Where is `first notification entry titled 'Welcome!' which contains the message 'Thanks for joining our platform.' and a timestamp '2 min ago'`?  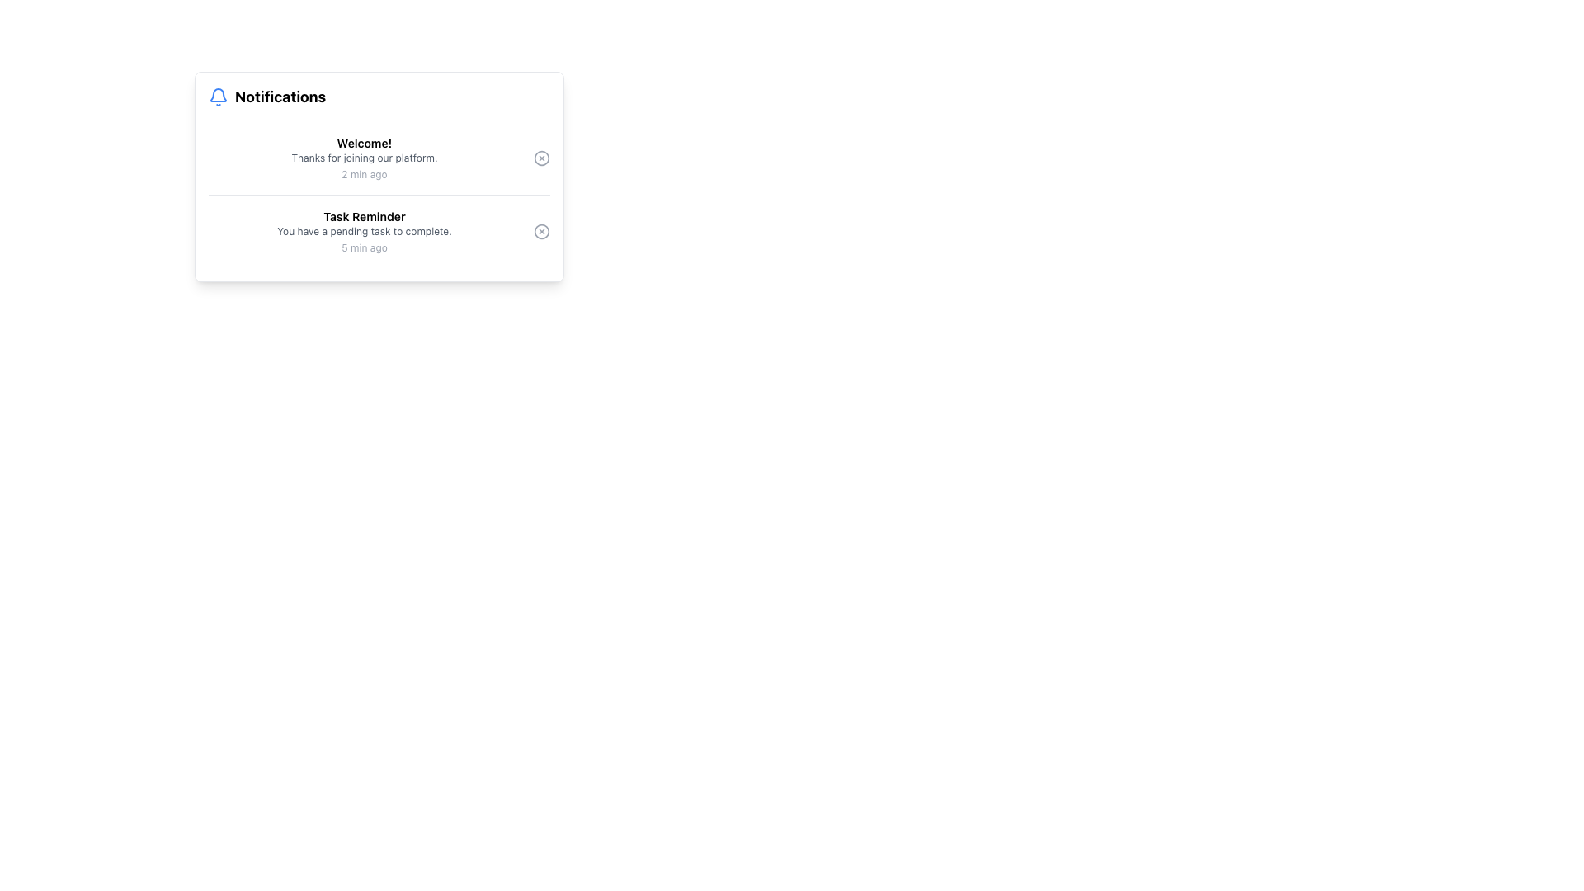 first notification entry titled 'Welcome!' which contains the message 'Thanks for joining our platform.' and a timestamp '2 min ago' is located at coordinates (379, 158).